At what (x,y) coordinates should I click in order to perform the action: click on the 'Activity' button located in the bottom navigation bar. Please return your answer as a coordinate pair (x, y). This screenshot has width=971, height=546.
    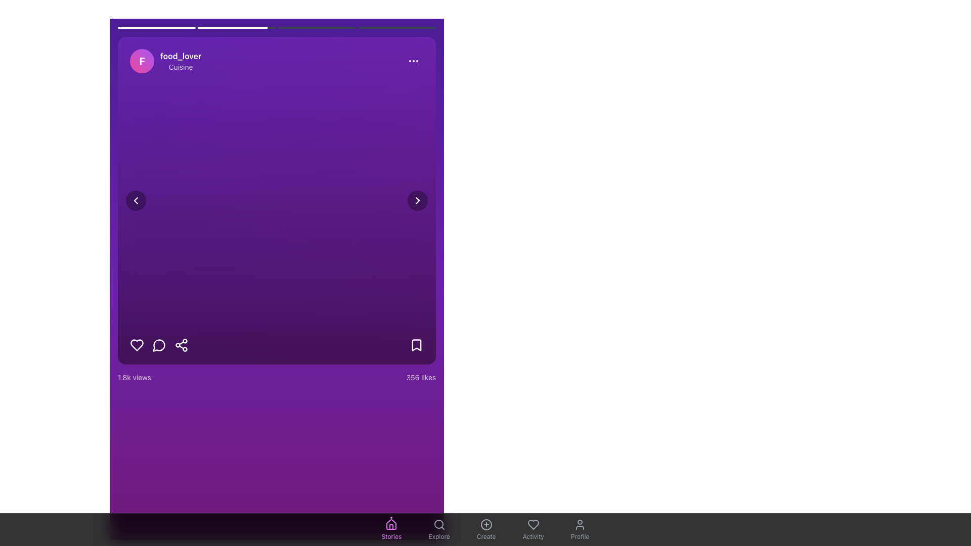
    Looking at the image, I should click on (533, 529).